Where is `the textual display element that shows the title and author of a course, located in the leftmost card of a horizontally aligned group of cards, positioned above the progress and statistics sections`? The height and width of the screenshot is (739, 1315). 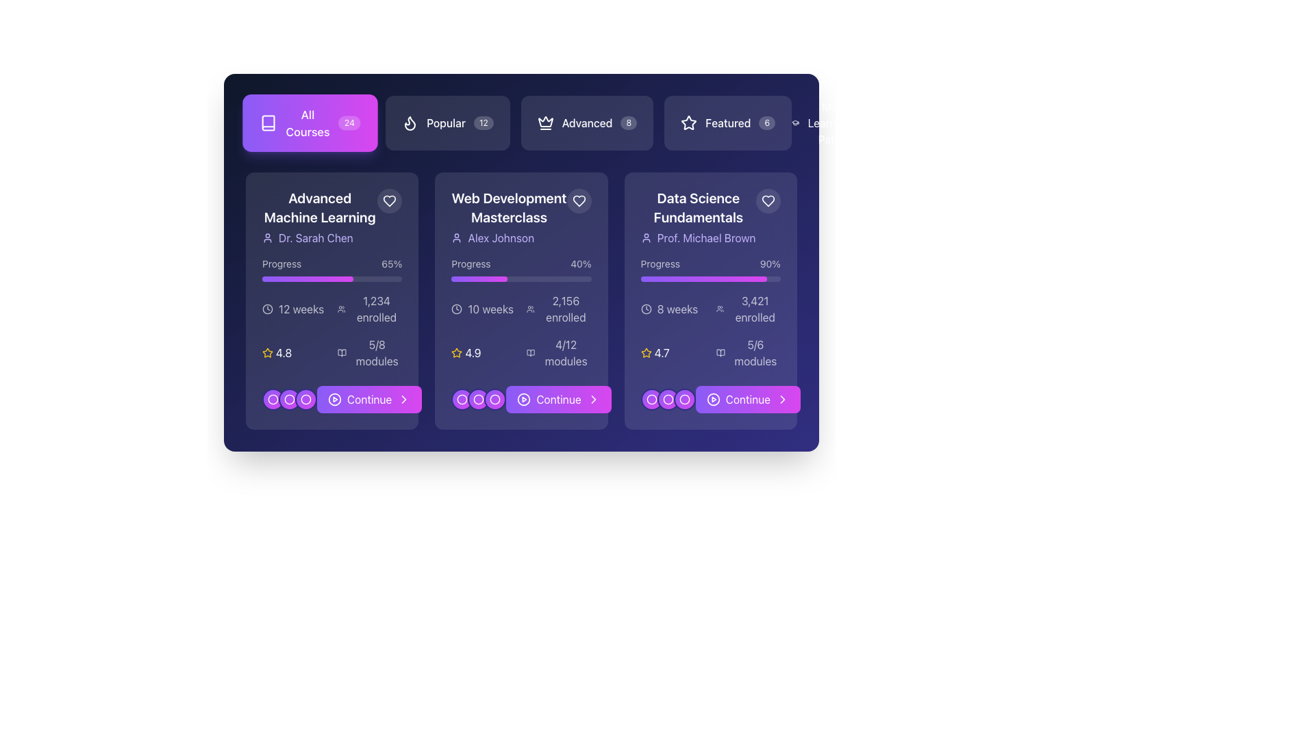
the textual display element that shows the title and author of a course, located in the leftmost card of a horizontally aligned group of cards, positioned above the progress and statistics sections is located at coordinates (319, 216).